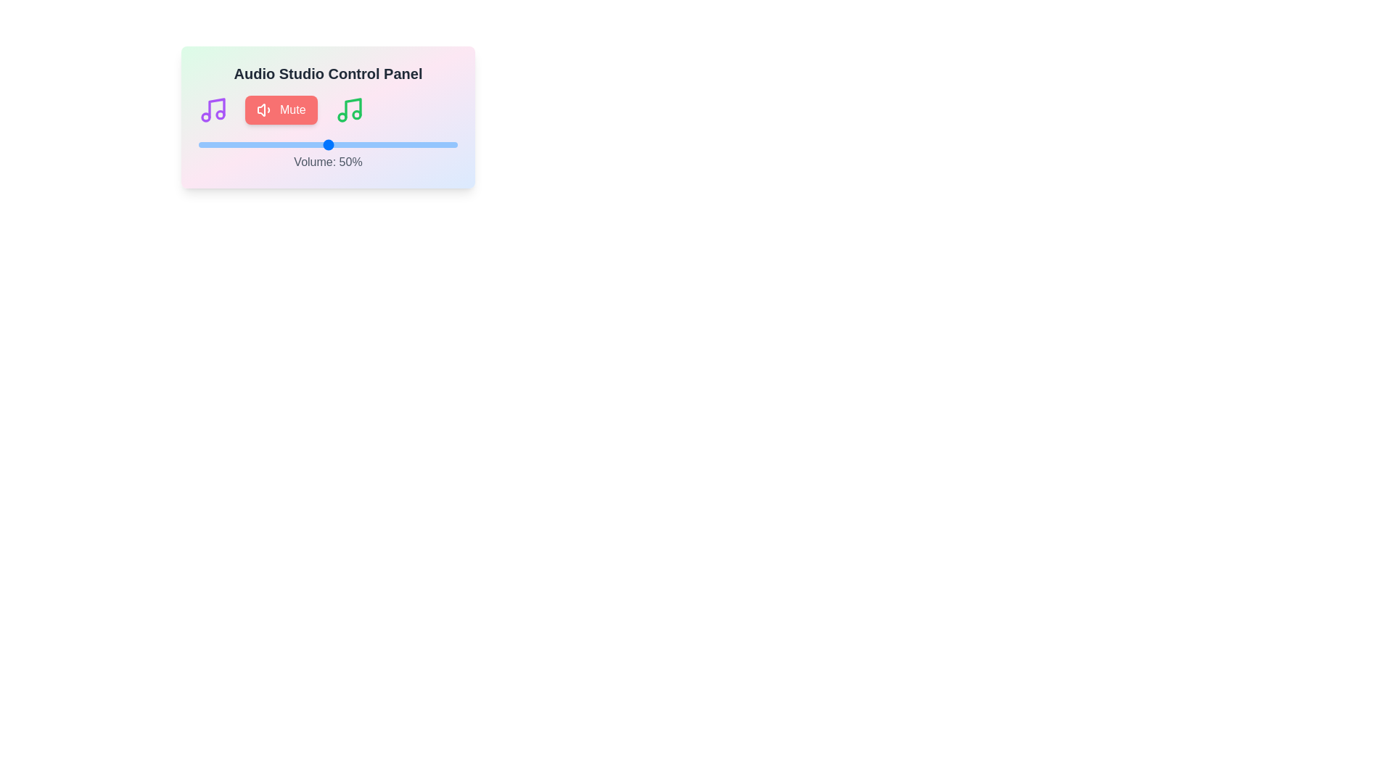 Image resolution: width=1393 pixels, height=783 pixels. What do you see at coordinates (415, 145) in the screenshot?
I see `the volume slider to set the volume to 84%` at bounding box center [415, 145].